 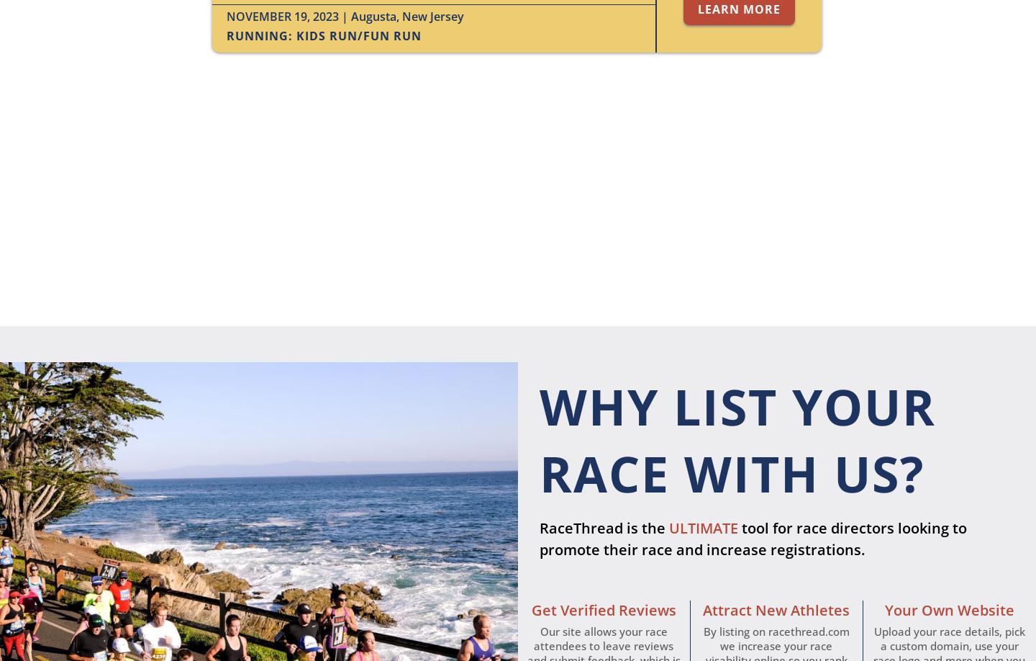 What do you see at coordinates (291, 36) in the screenshot?
I see `':'` at bounding box center [291, 36].